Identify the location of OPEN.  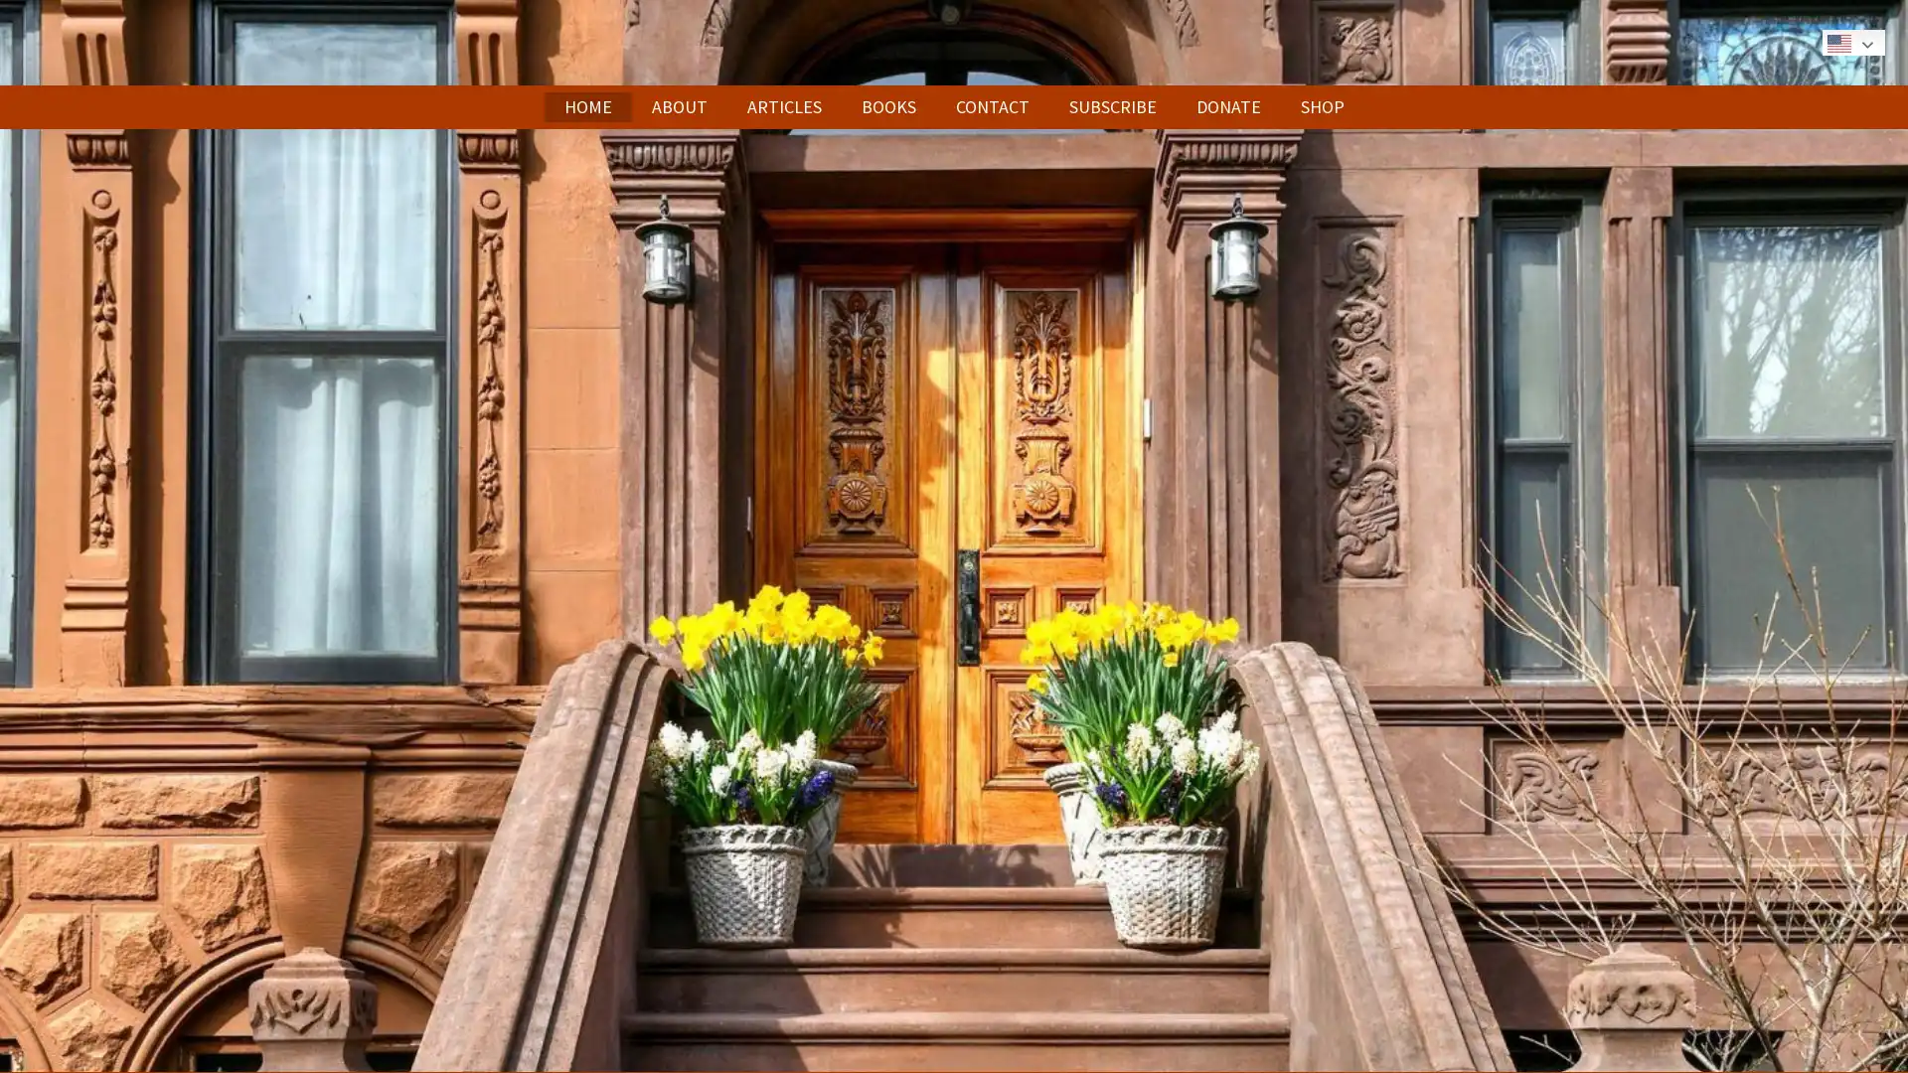
(952, 534).